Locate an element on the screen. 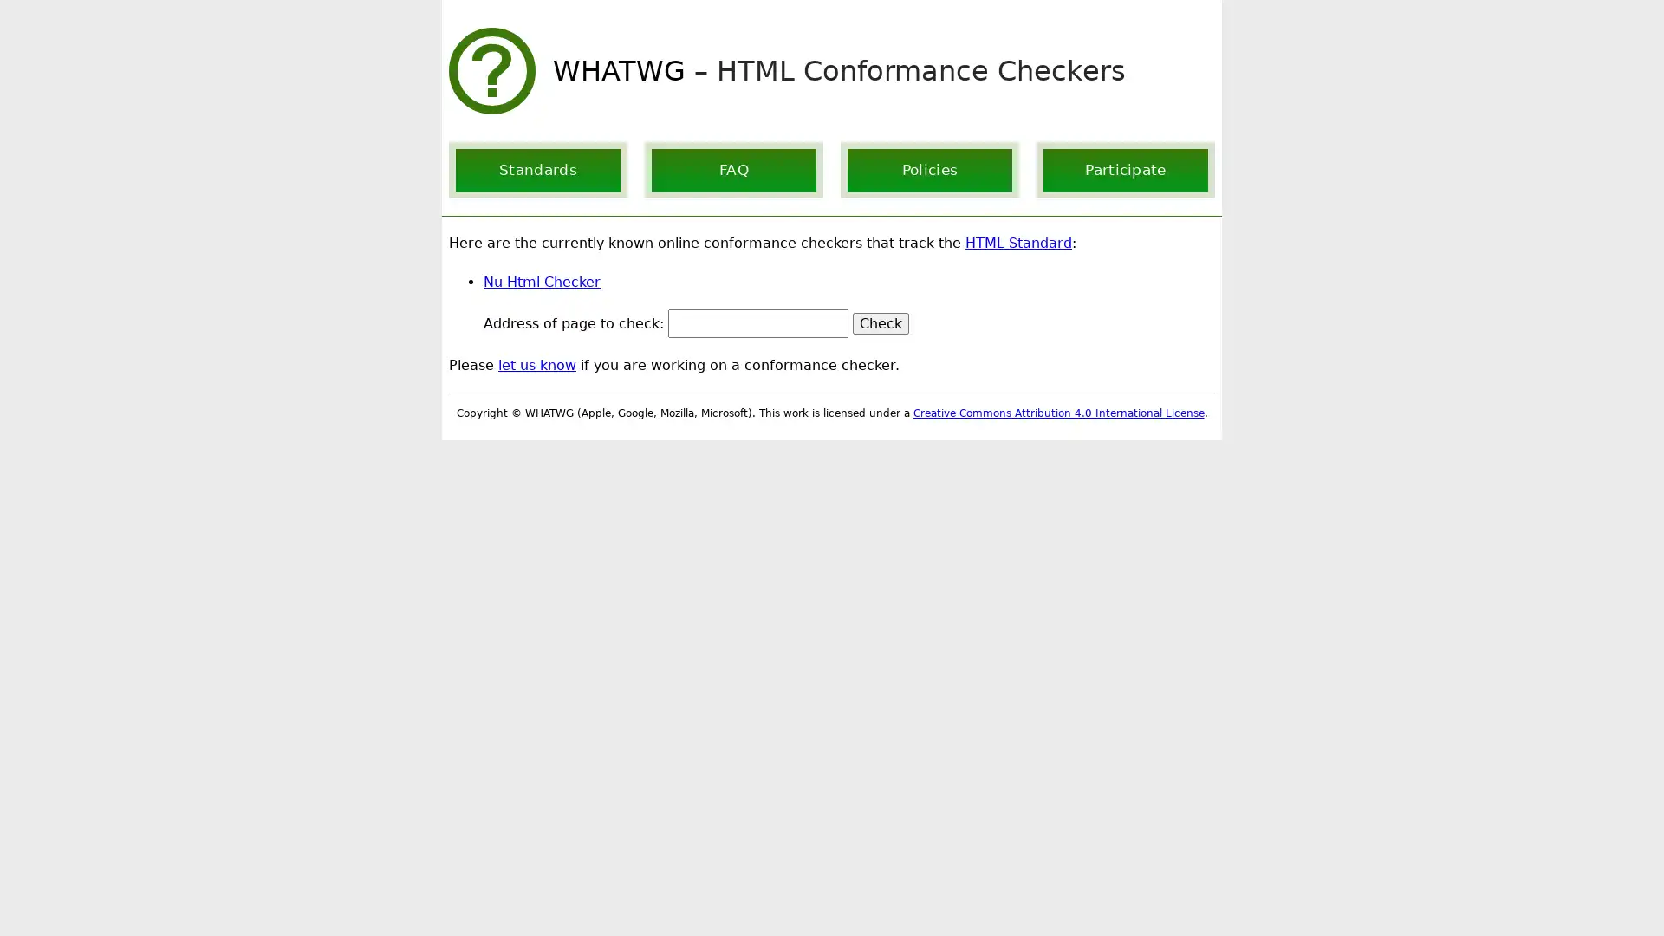 This screenshot has height=936, width=1664. Check is located at coordinates (881, 323).